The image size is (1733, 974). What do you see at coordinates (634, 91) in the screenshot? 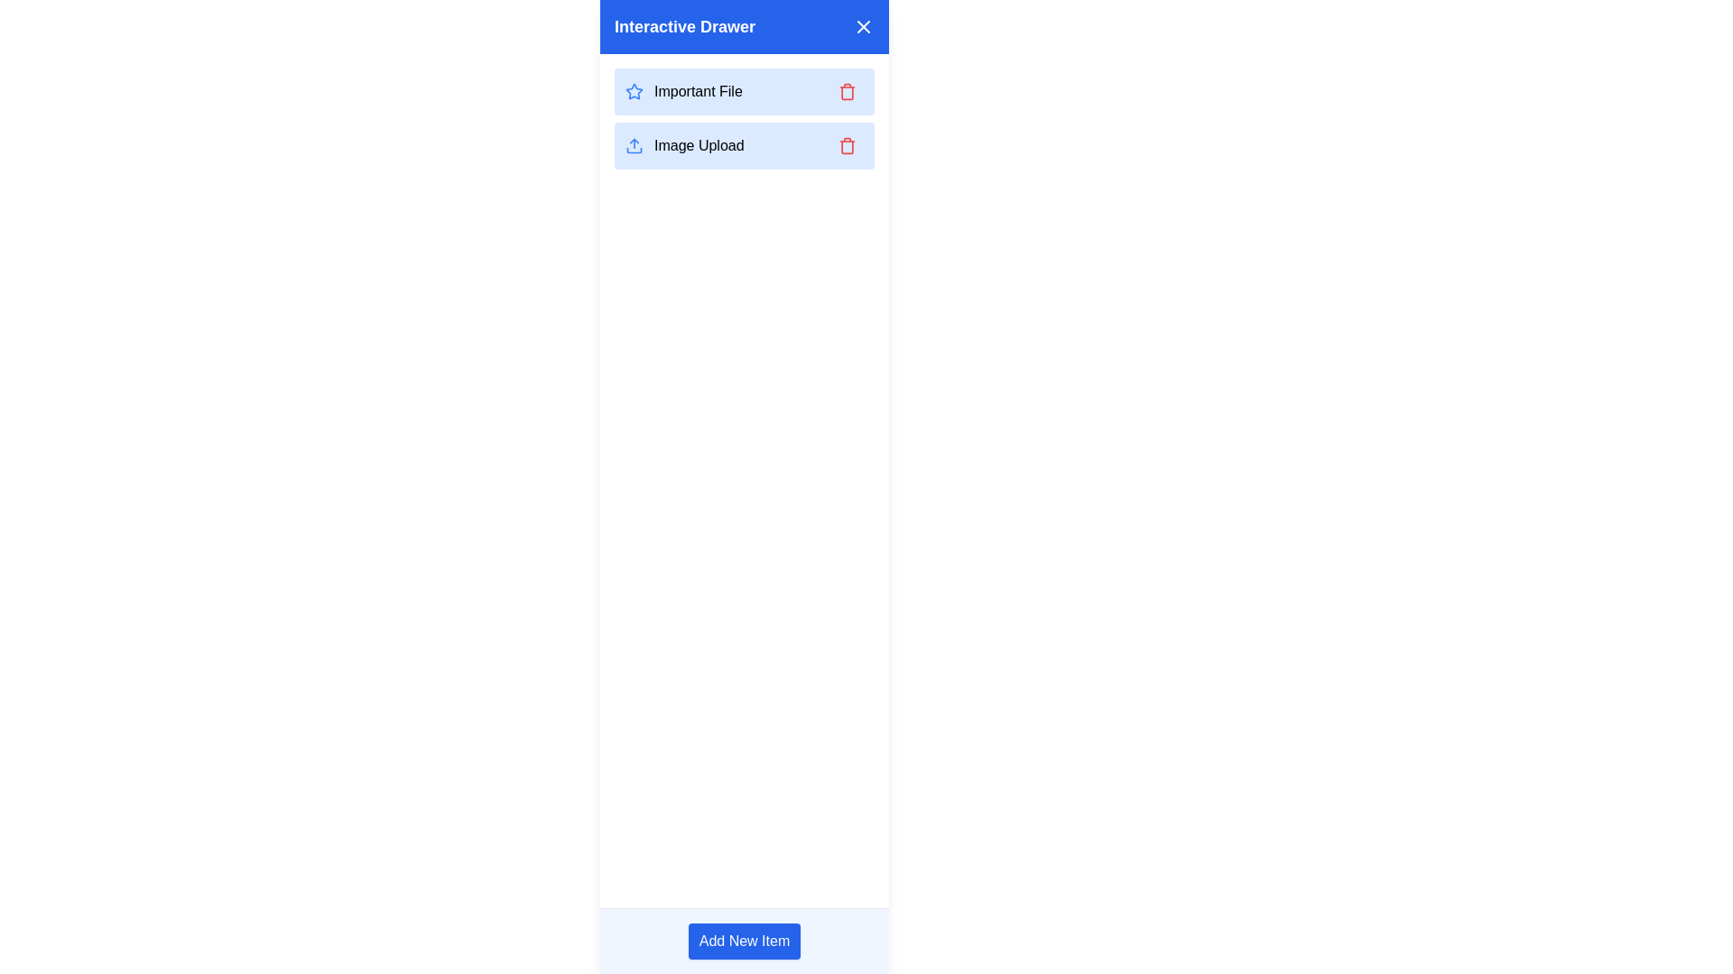
I see `the icon located to the left of the text 'Important File' to toggle its state` at bounding box center [634, 91].